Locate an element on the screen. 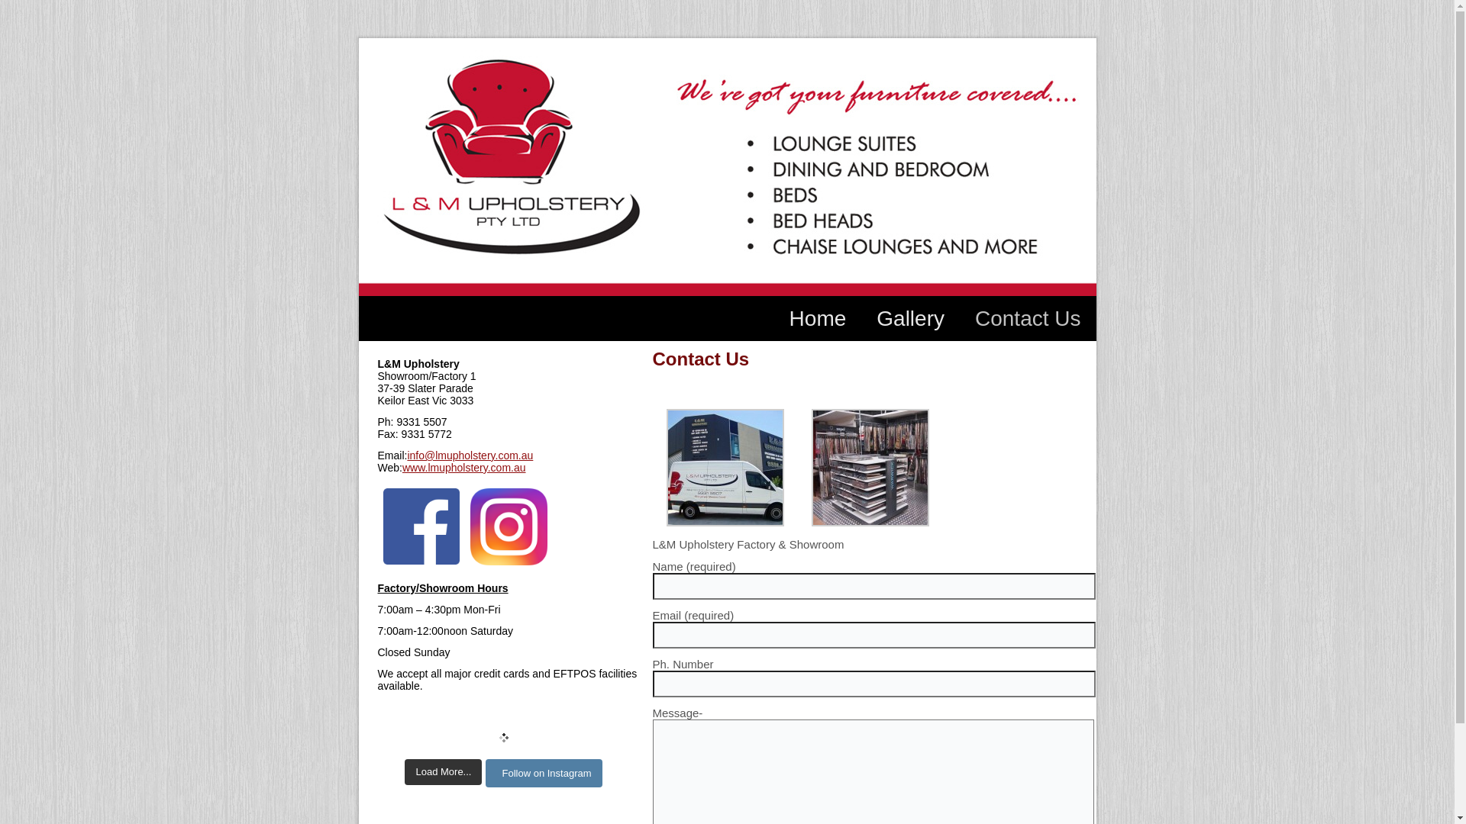 The height and width of the screenshot is (824, 1466). 'Load More...' is located at coordinates (442, 771).